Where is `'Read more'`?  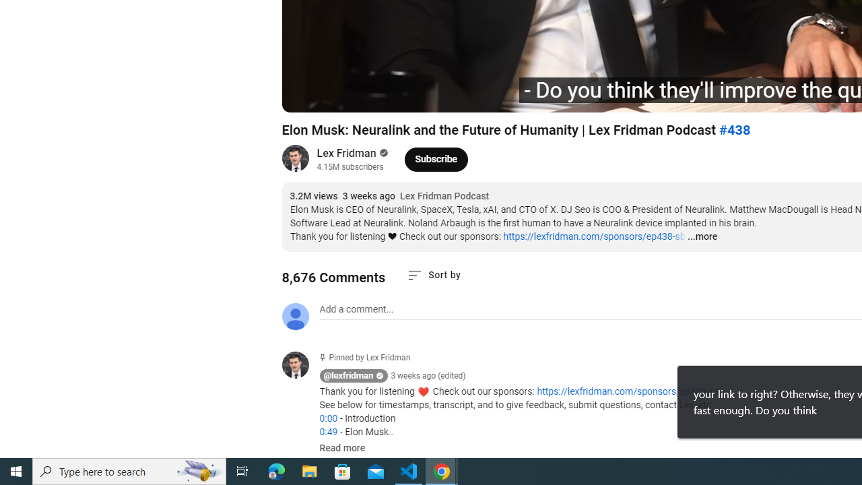 'Read more' is located at coordinates (342, 449).